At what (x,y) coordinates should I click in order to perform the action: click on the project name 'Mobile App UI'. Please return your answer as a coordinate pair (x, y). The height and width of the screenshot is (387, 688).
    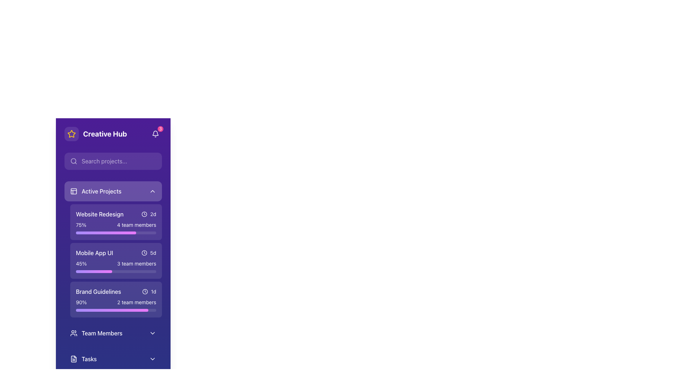
    Looking at the image, I should click on (116, 252).